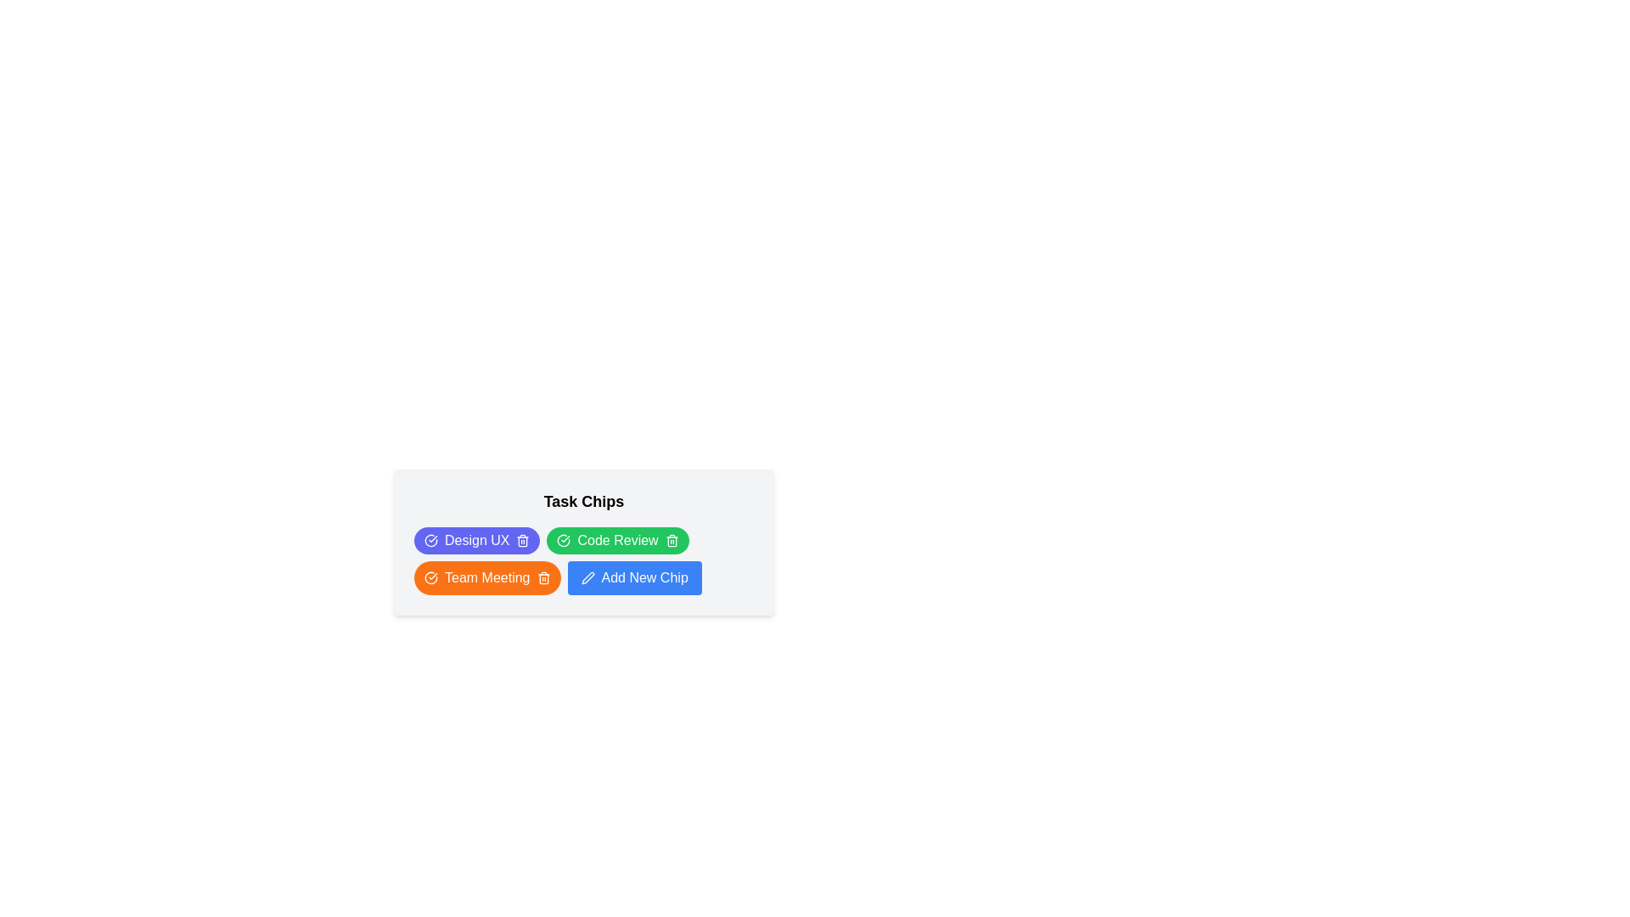 Image resolution: width=1630 pixels, height=917 pixels. Describe the element at coordinates (633, 577) in the screenshot. I see `the blue rectangular button with rounded corners that contains a pen icon and the text 'Add New Chip'` at that location.